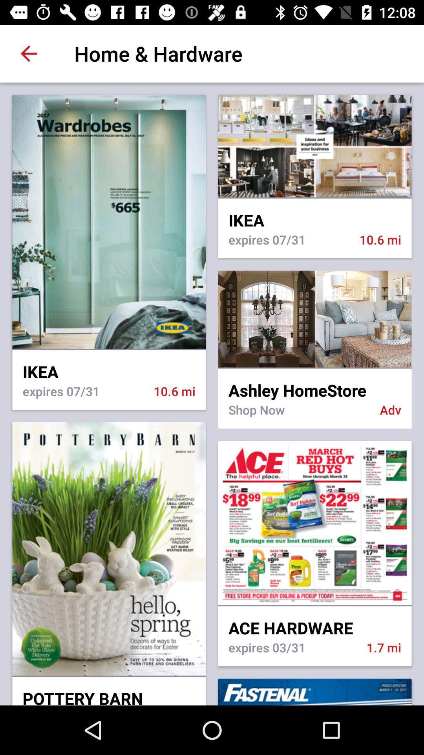  Describe the element at coordinates (314, 368) in the screenshot. I see `icon to the right of ikea` at that location.